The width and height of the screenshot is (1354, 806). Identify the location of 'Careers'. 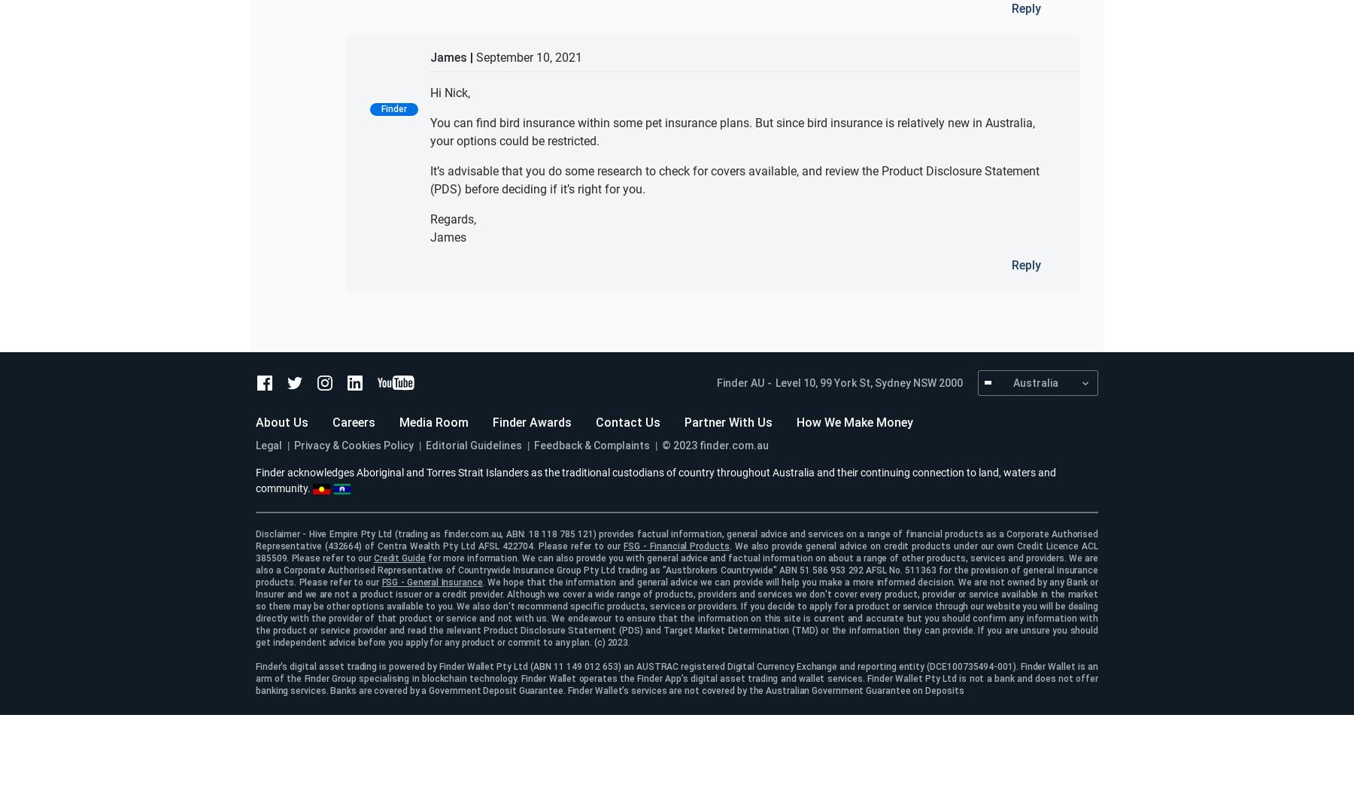
(353, 421).